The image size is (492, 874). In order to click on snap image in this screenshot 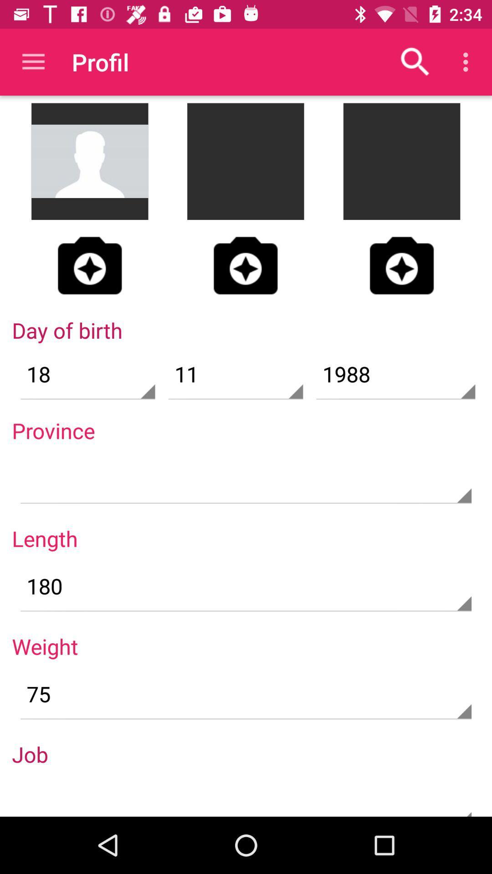, I will do `click(90, 265)`.